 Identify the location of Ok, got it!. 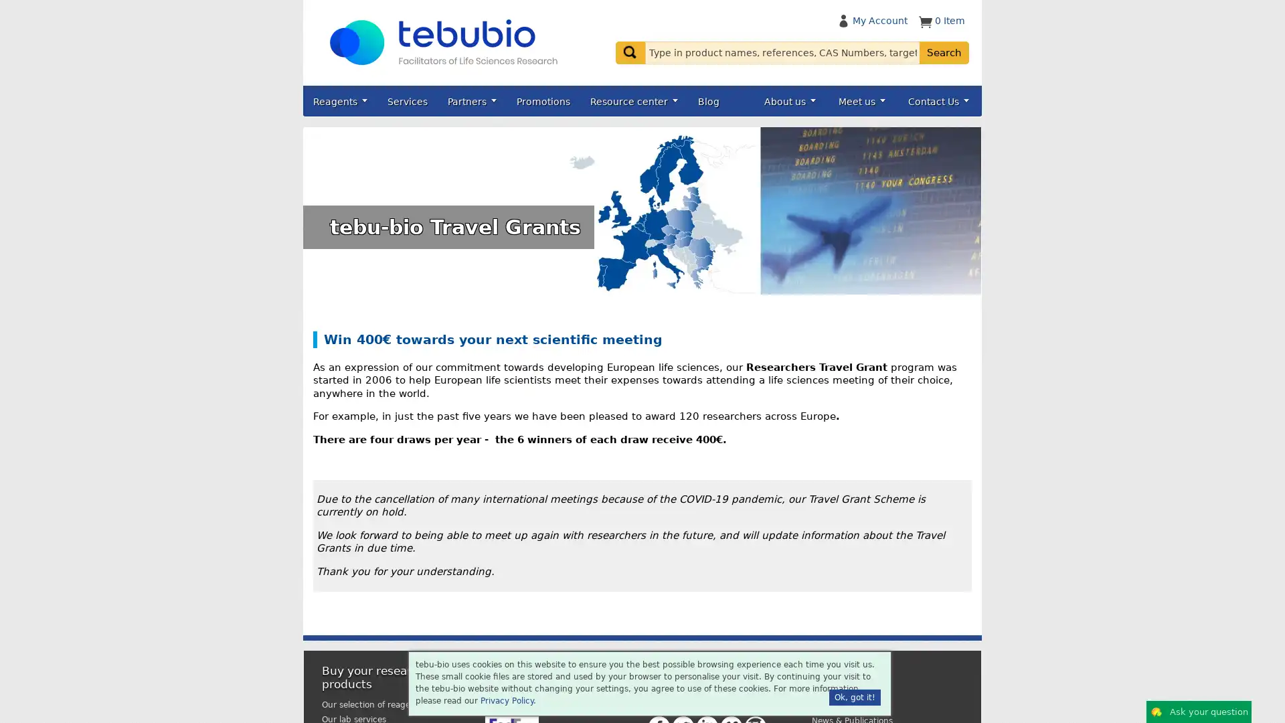
(854, 696).